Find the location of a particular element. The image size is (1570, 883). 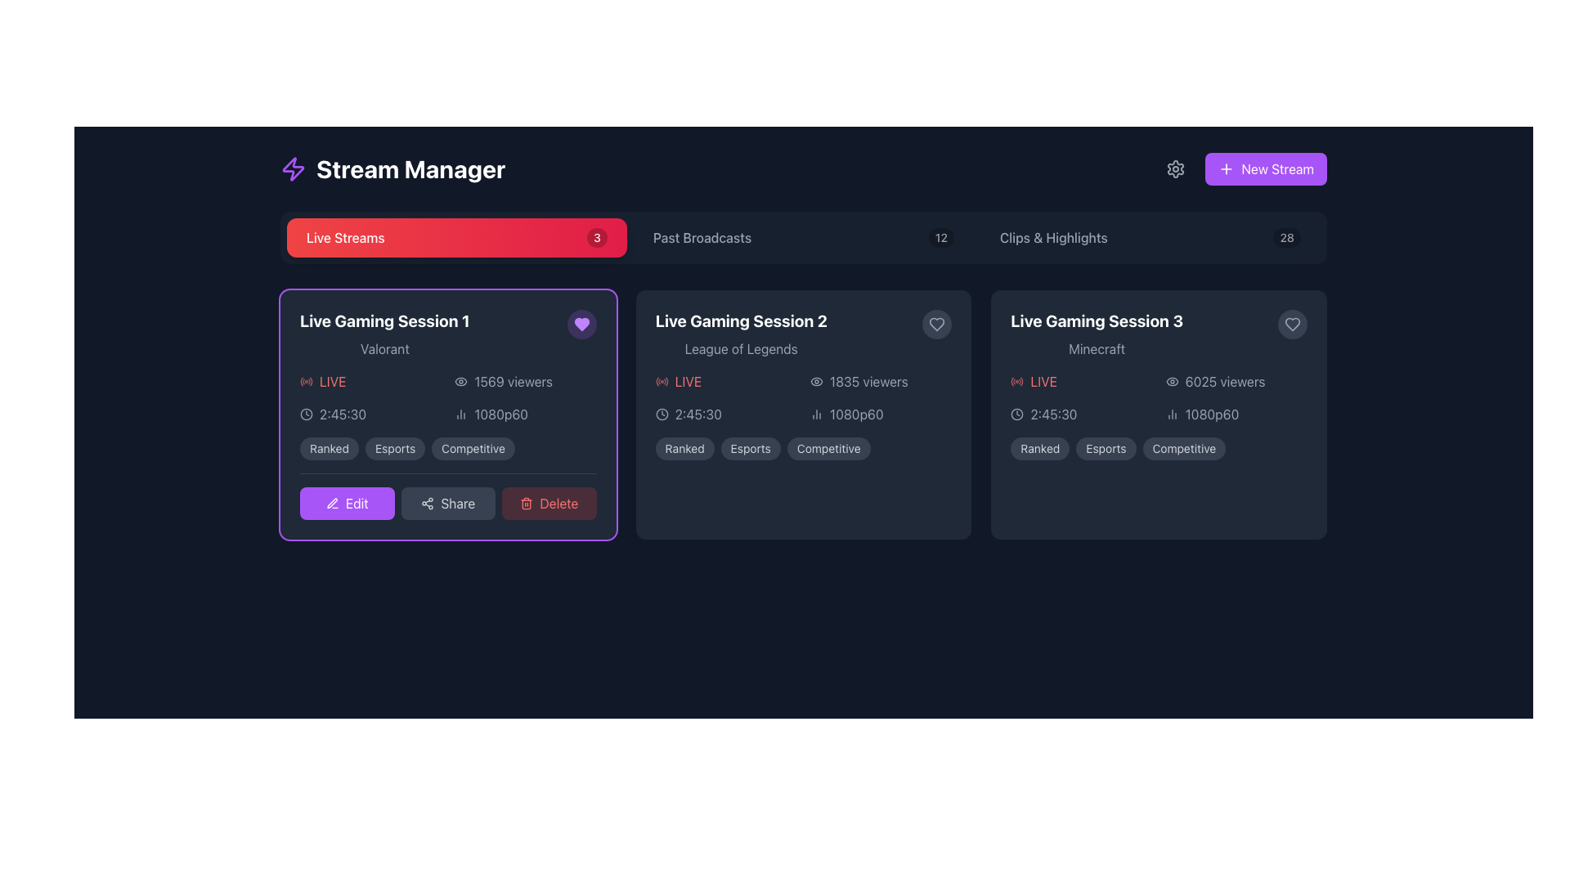

the second label indicating the category type under the 'Live Gaming Session 2' section, positioned between 'Ranked' and 'Competitive' is located at coordinates (750, 448).